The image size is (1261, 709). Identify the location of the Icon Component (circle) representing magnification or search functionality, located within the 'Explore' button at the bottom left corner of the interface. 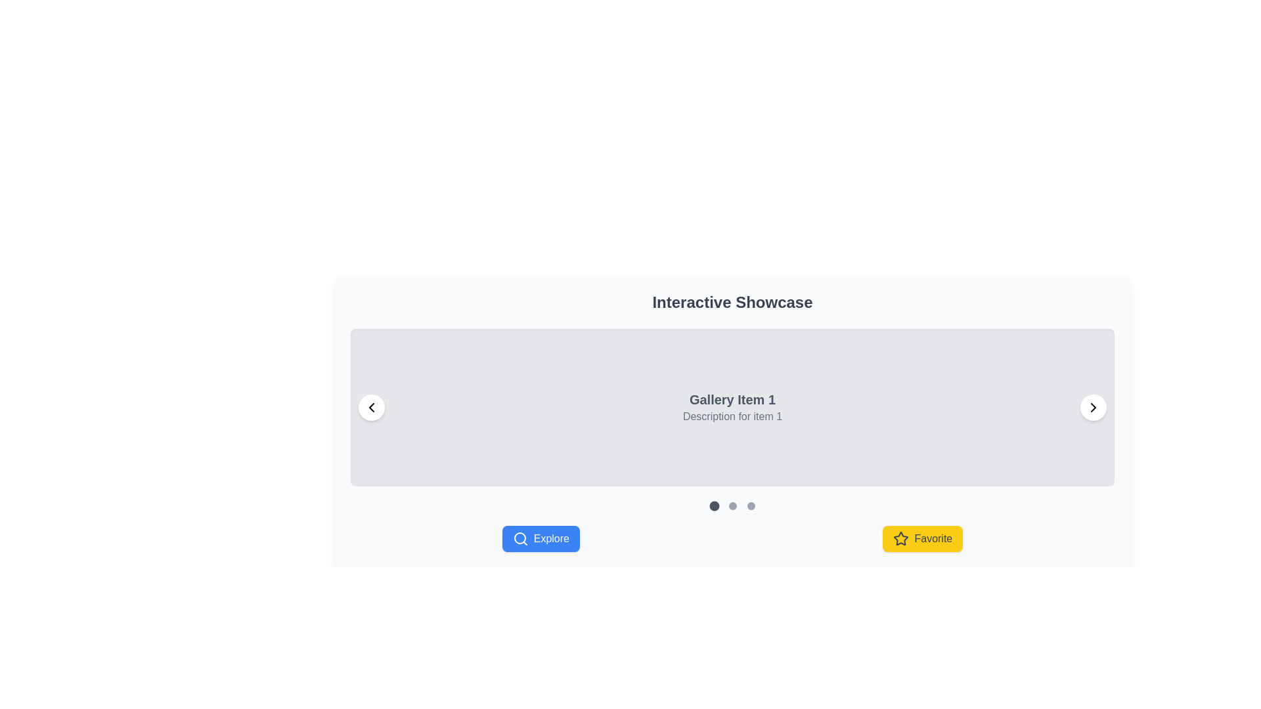
(519, 538).